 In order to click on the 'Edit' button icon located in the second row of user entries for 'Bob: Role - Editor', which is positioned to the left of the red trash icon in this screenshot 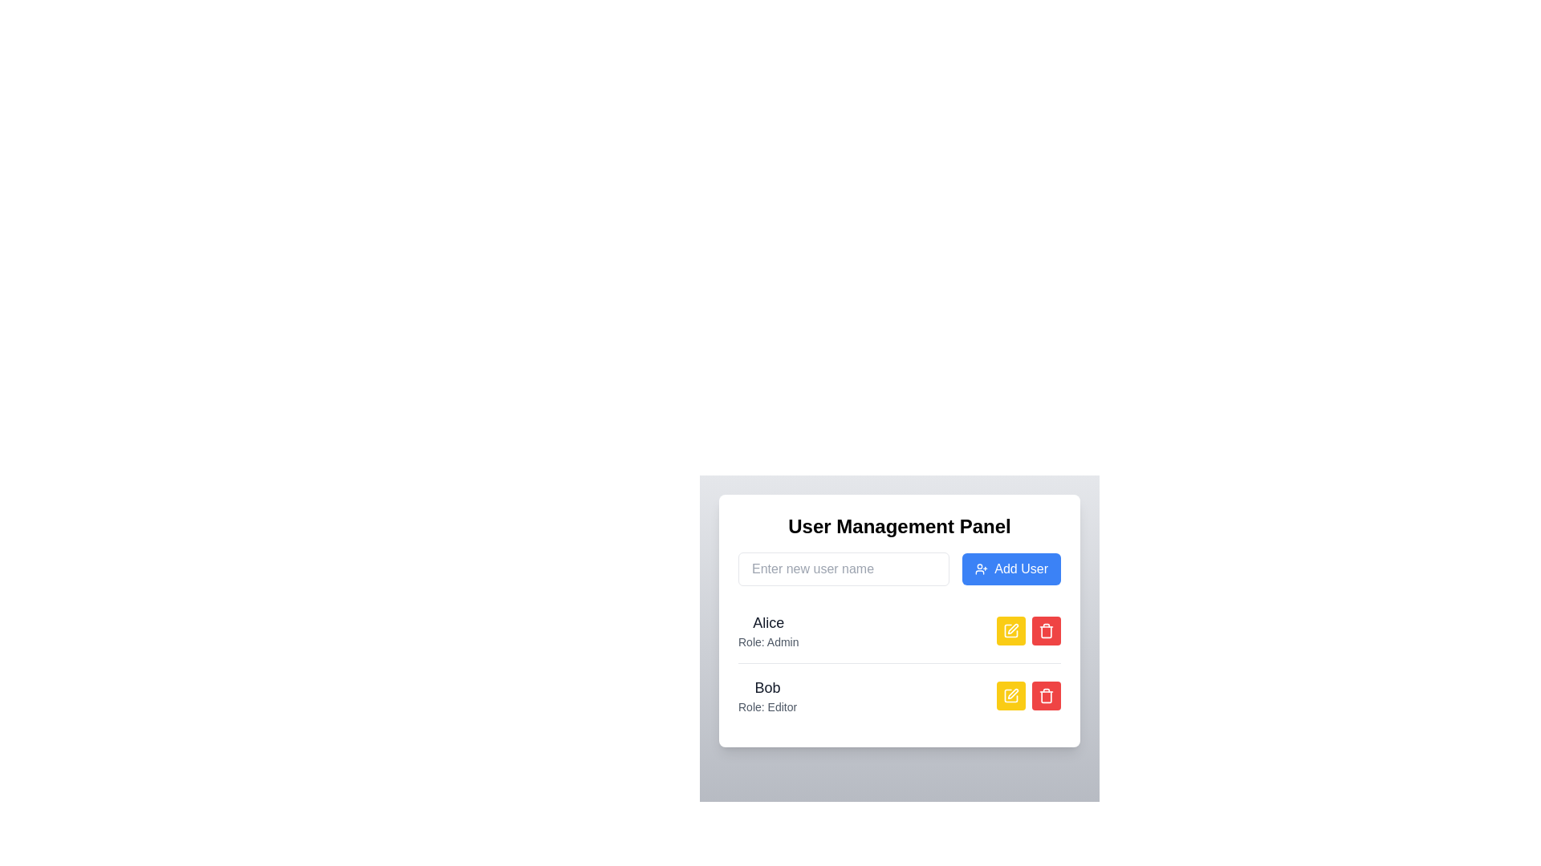, I will do `click(1010, 694)`.